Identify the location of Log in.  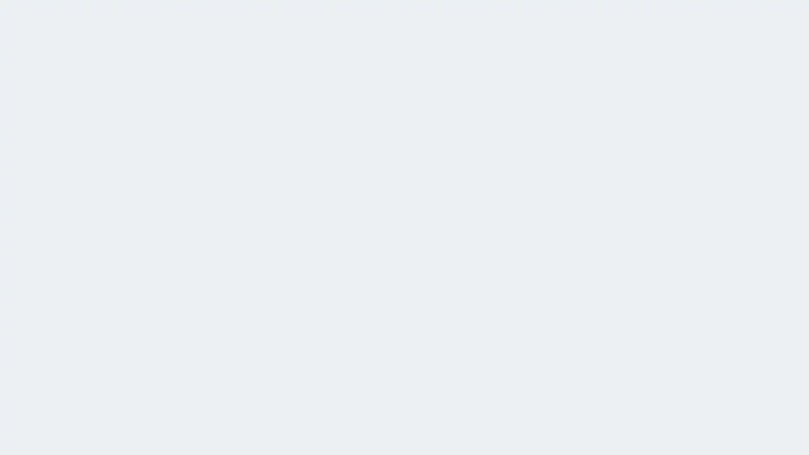
(365, 208).